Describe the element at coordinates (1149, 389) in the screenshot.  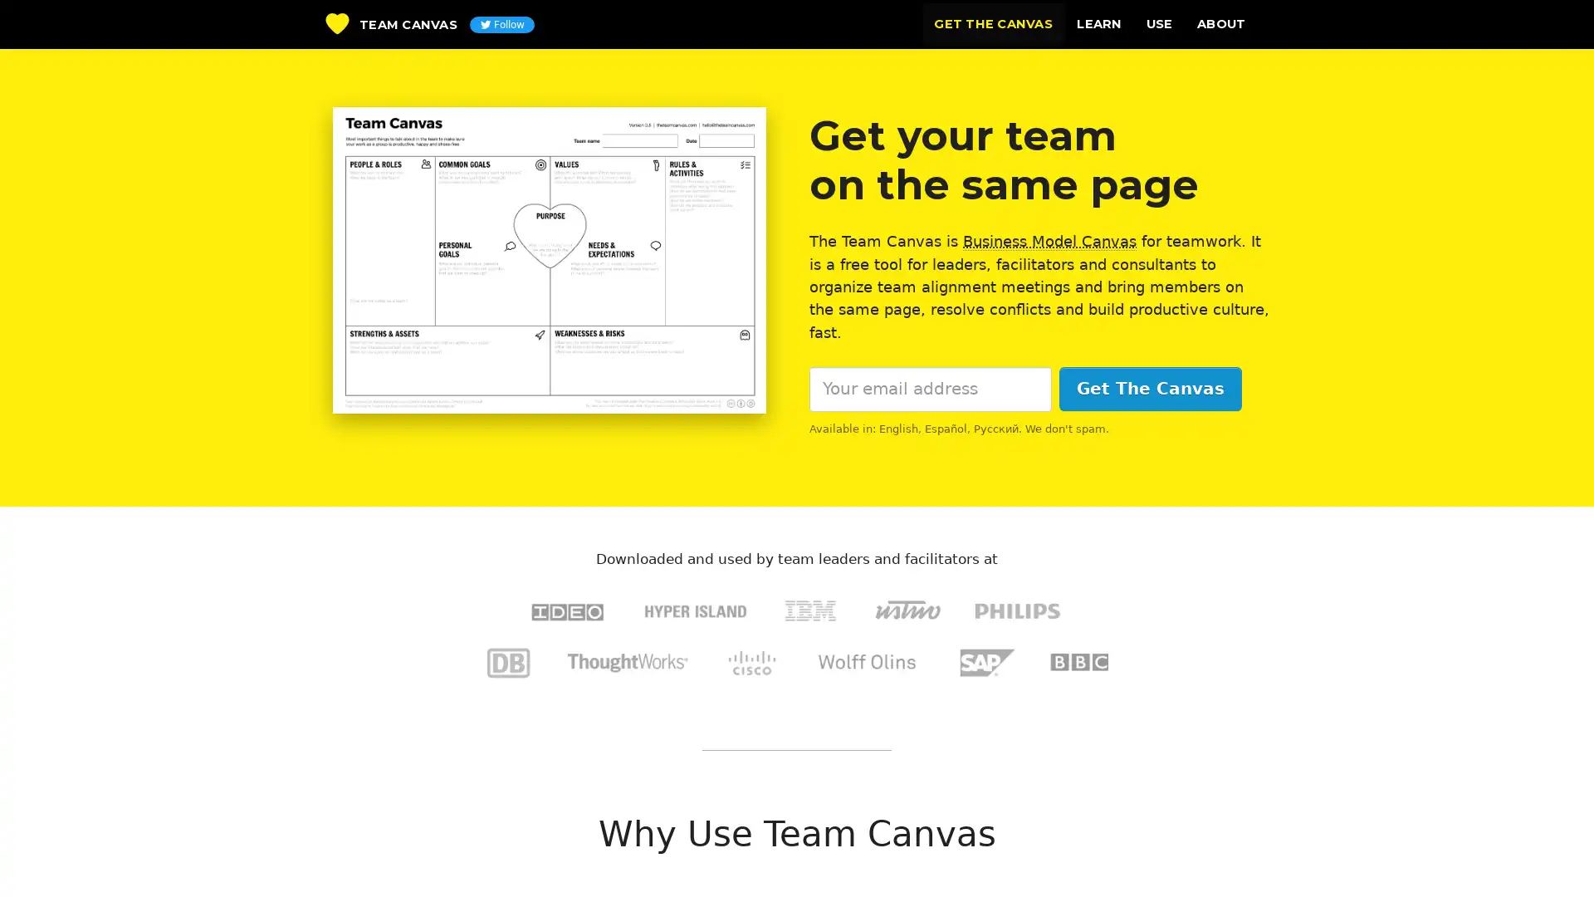
I see `Get The Canvas` at that location.